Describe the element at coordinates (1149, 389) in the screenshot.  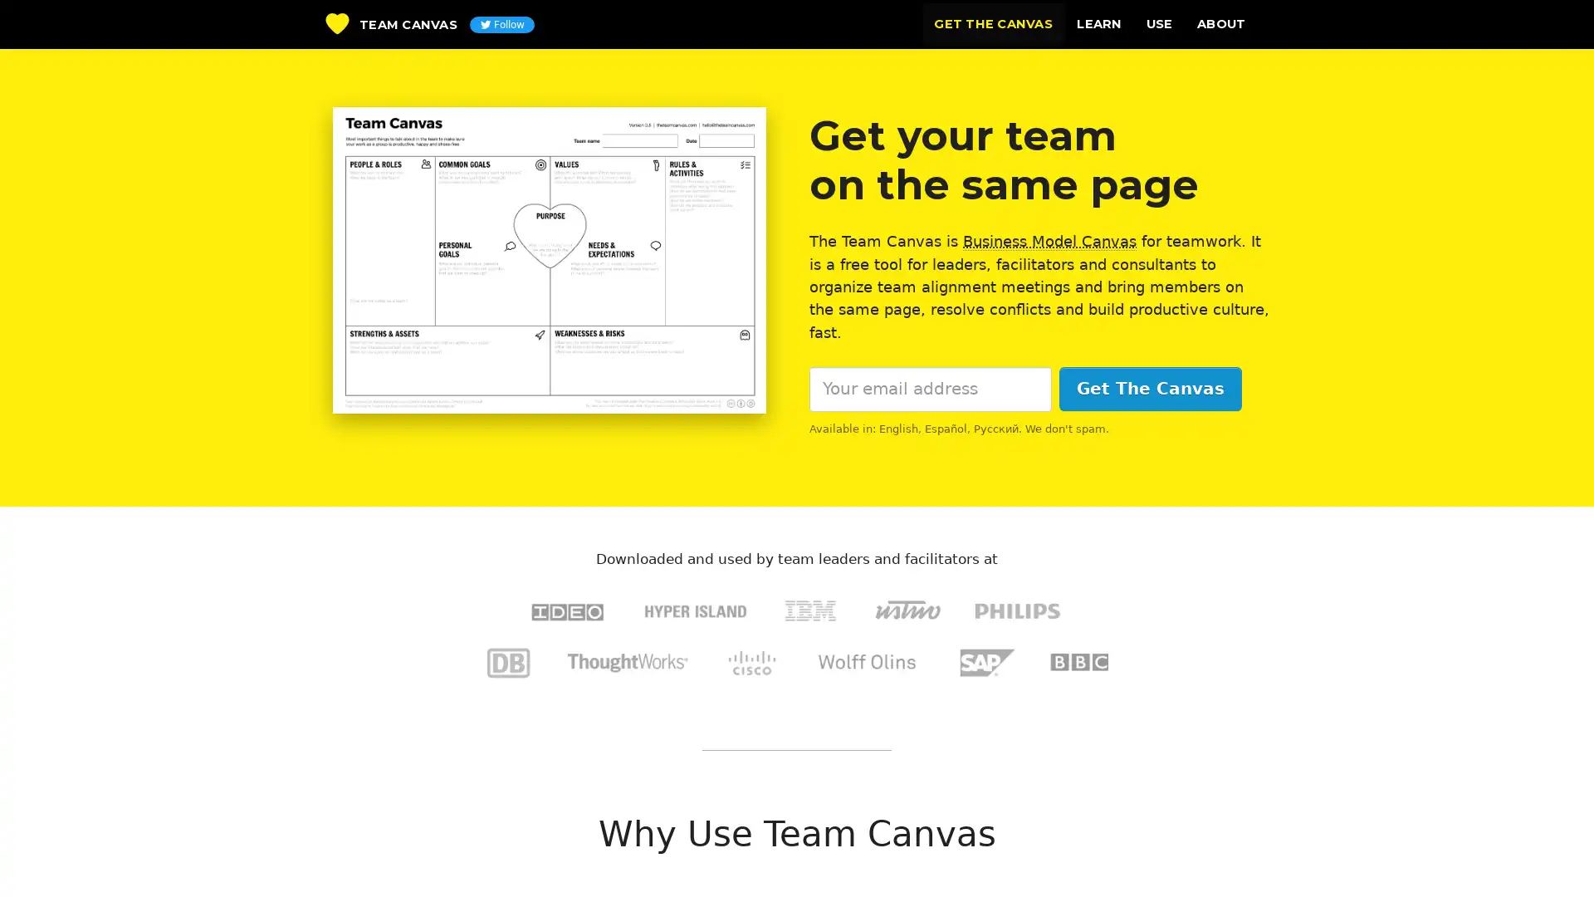
I see `Get The Canvas` at that location.